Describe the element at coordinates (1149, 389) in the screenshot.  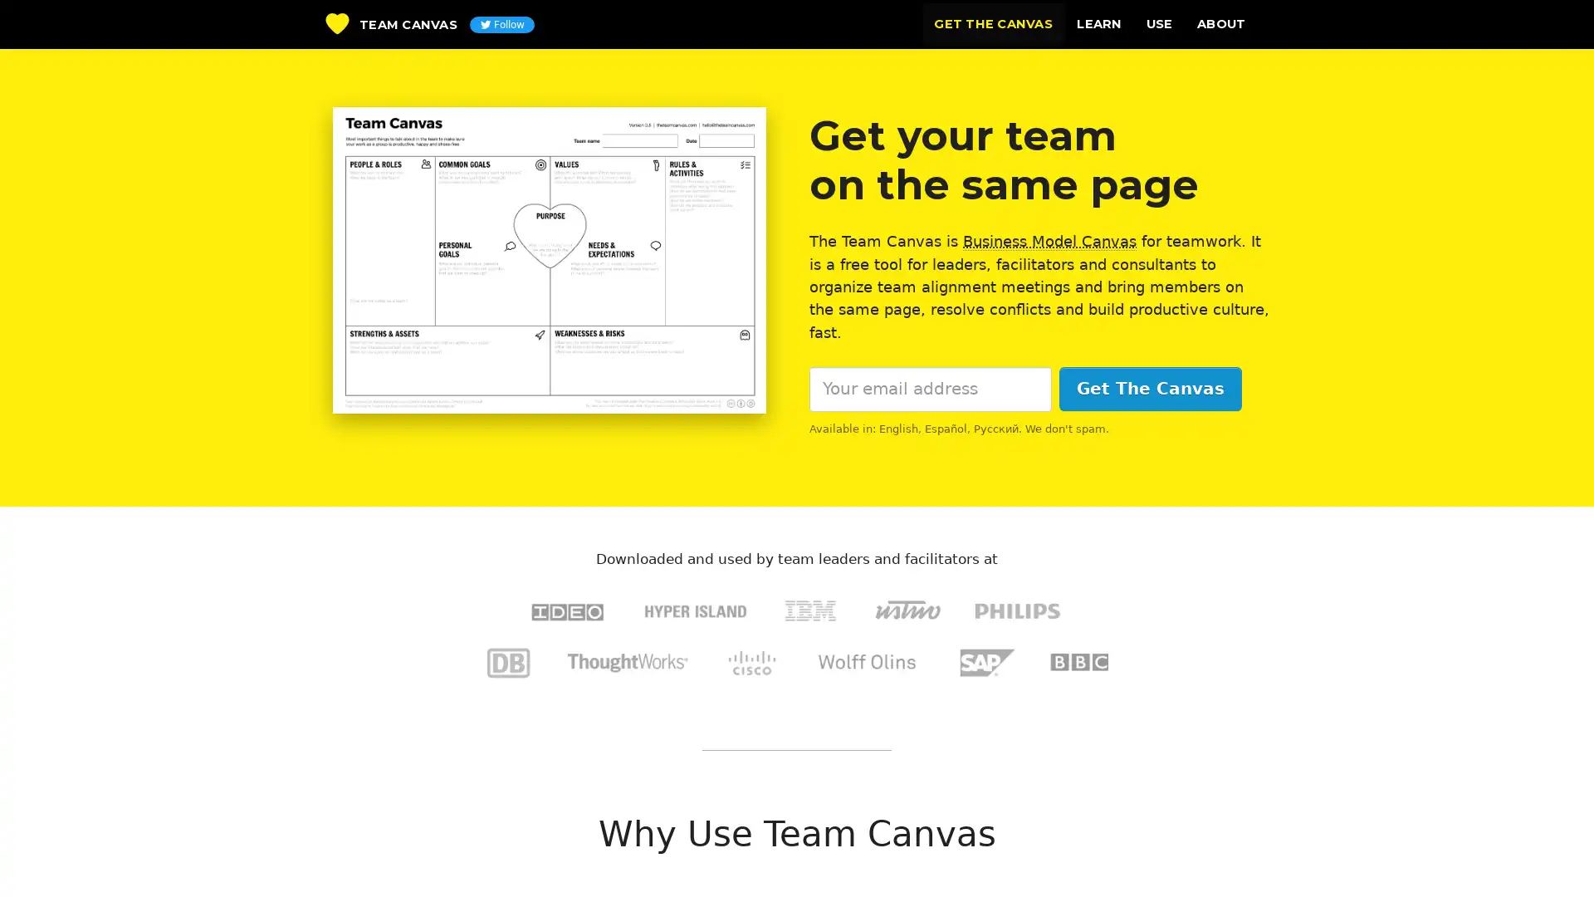
I see `Get The Canvas` at that location.